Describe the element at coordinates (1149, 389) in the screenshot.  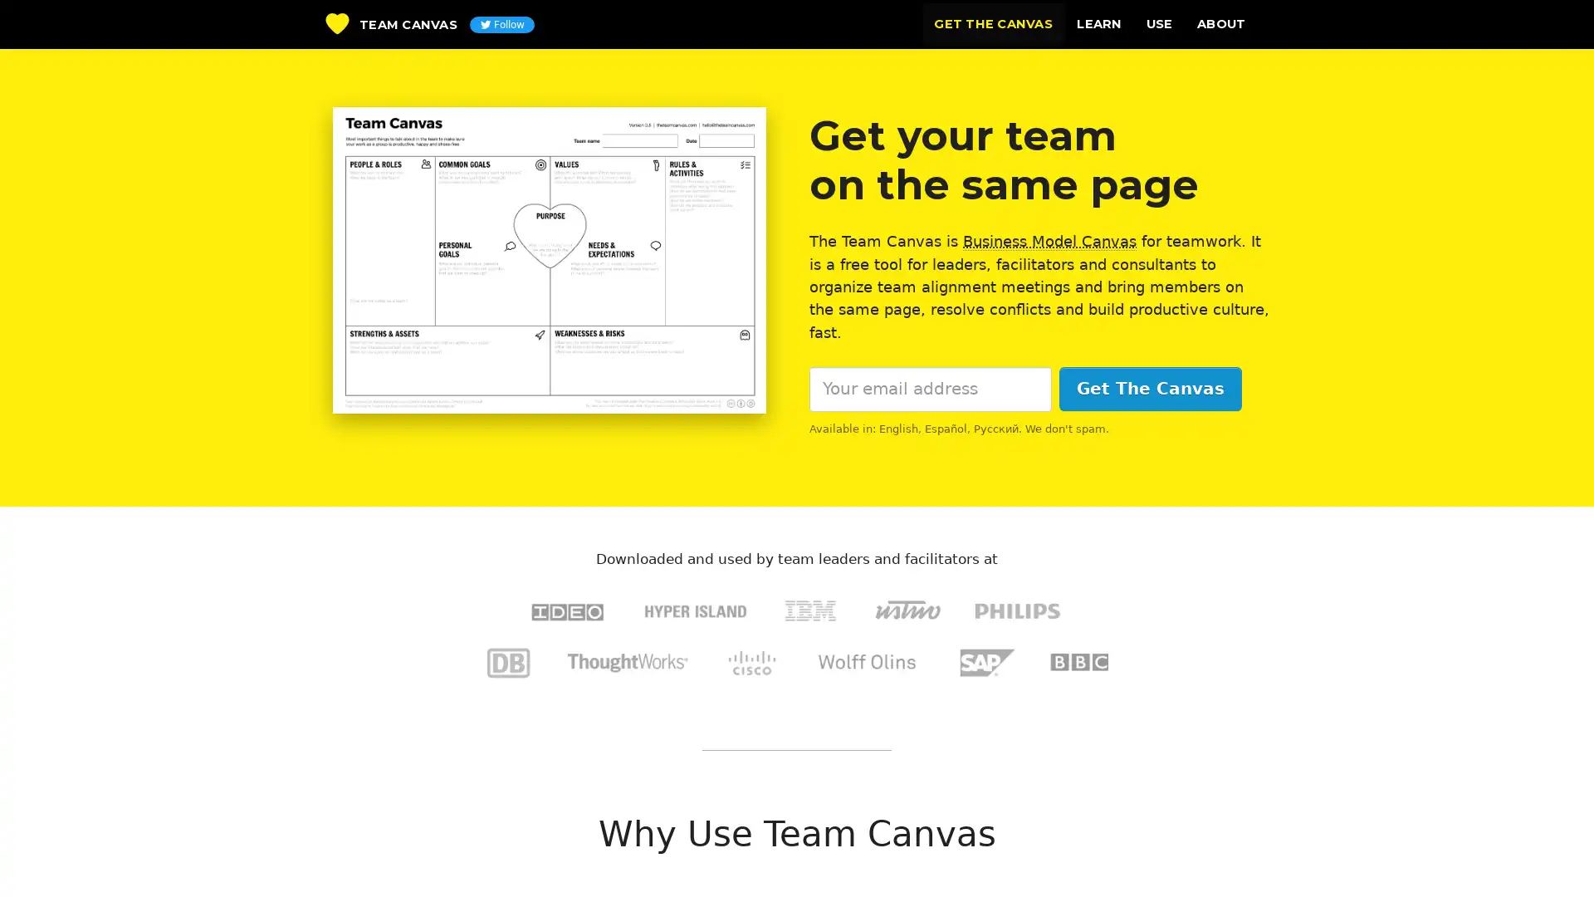
I see `Get The Canvas` at that location.